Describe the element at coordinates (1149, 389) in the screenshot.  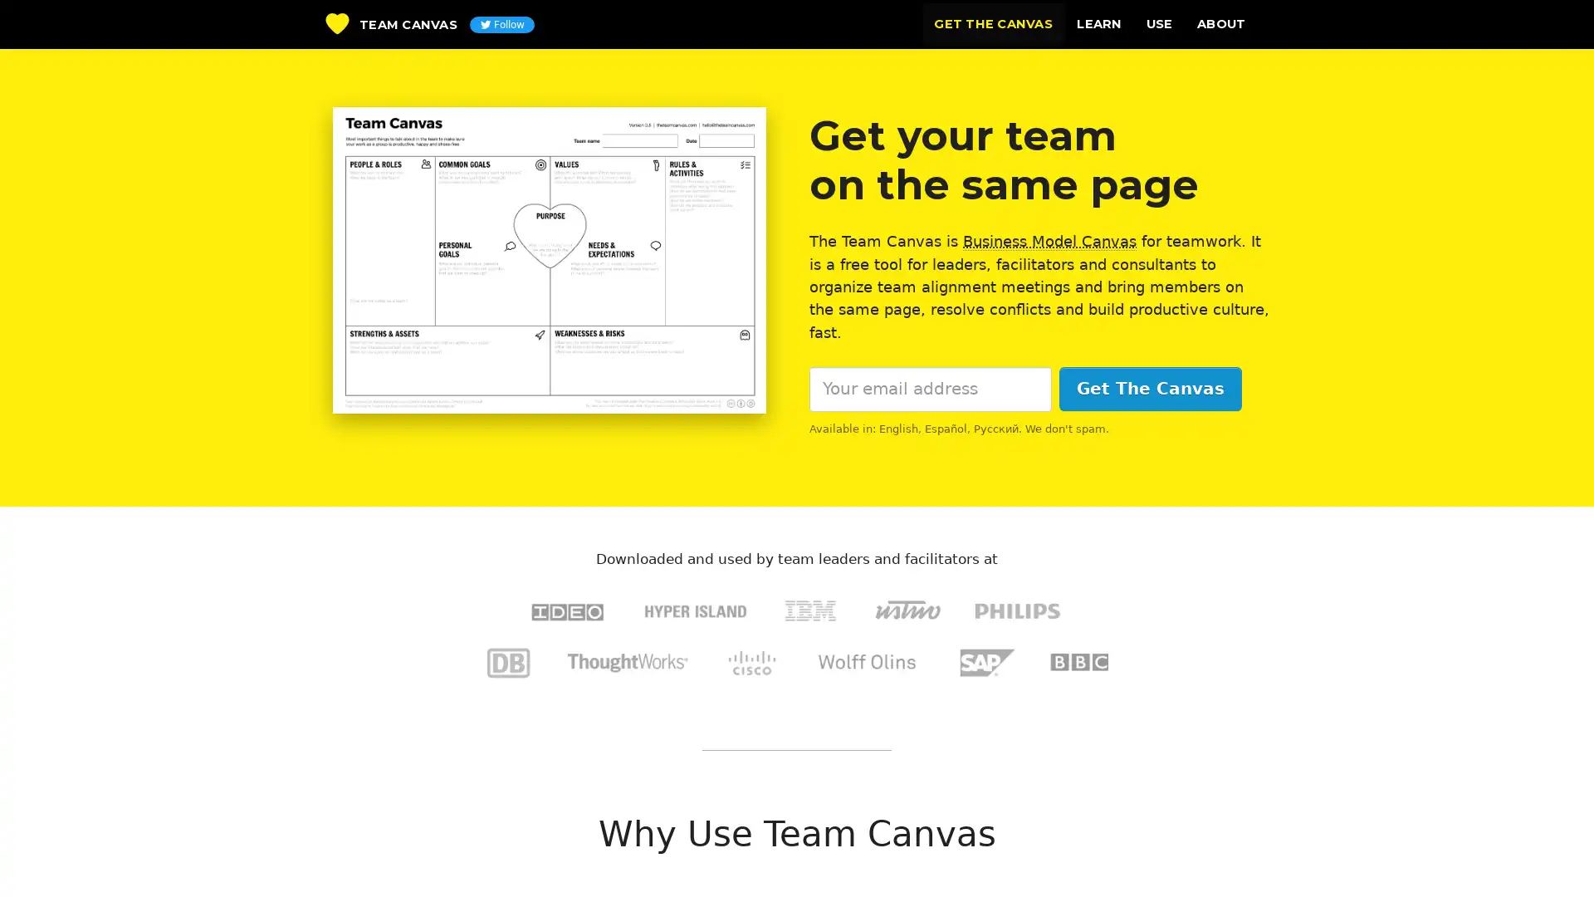
I see `Get The Canvas` at that location.